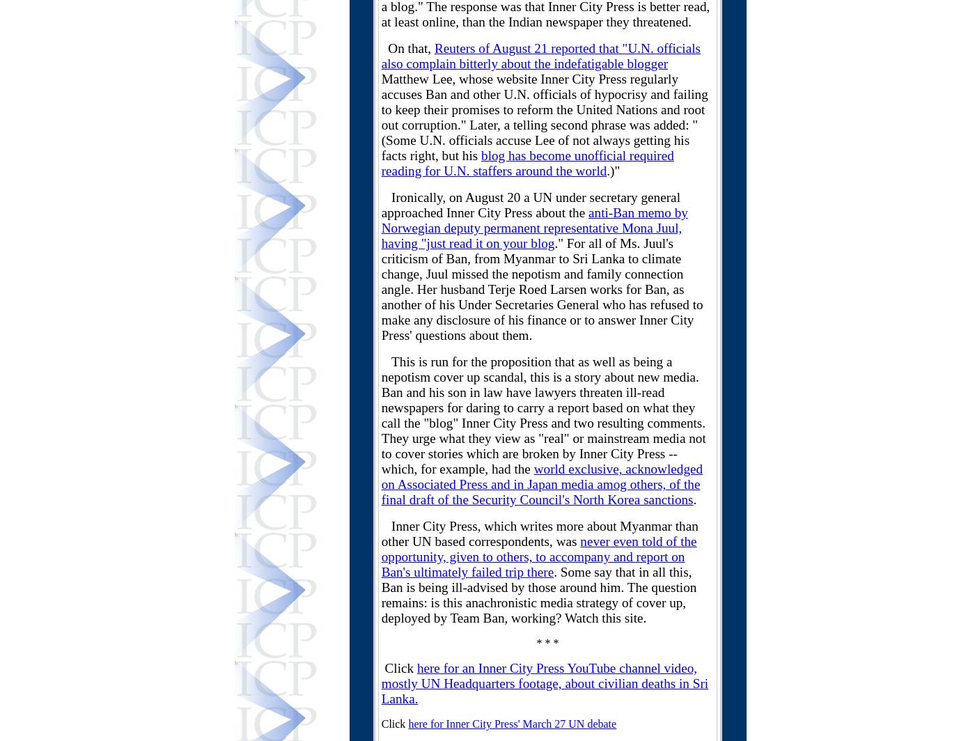  Describe the element at coordinates (538, 556) in the screenshot. I see `'never
even told of
the opportunity, given to others, to accompany and report on Ban's
ultimately failed trip there'` at that location.